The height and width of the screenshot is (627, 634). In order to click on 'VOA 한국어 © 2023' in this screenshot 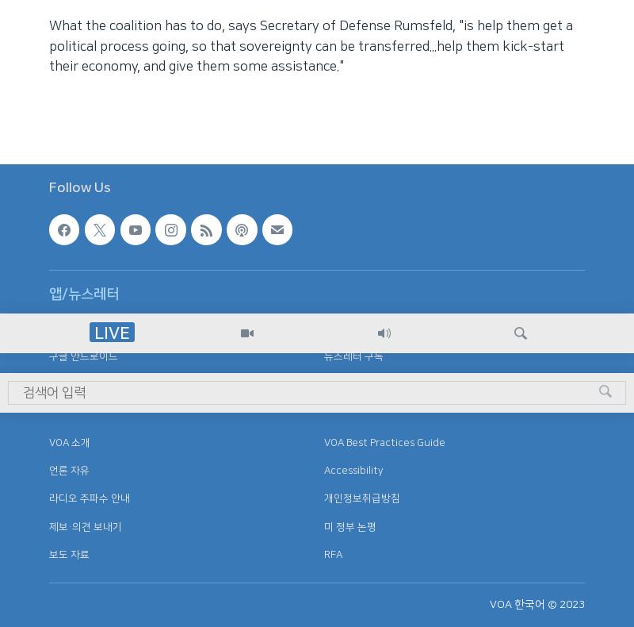, I will do `click(537, 605)`.